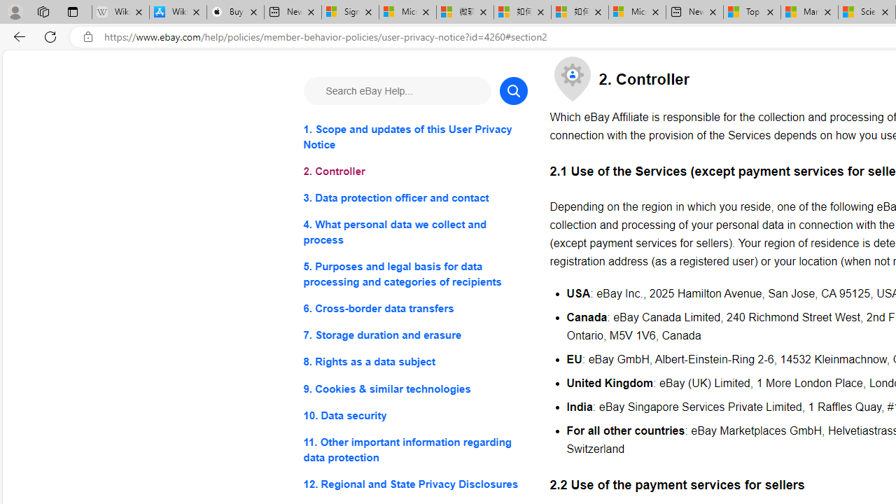  Describe the element at coordinates (884, 12) in the screenshot. I see `'Close tab'` at that location.